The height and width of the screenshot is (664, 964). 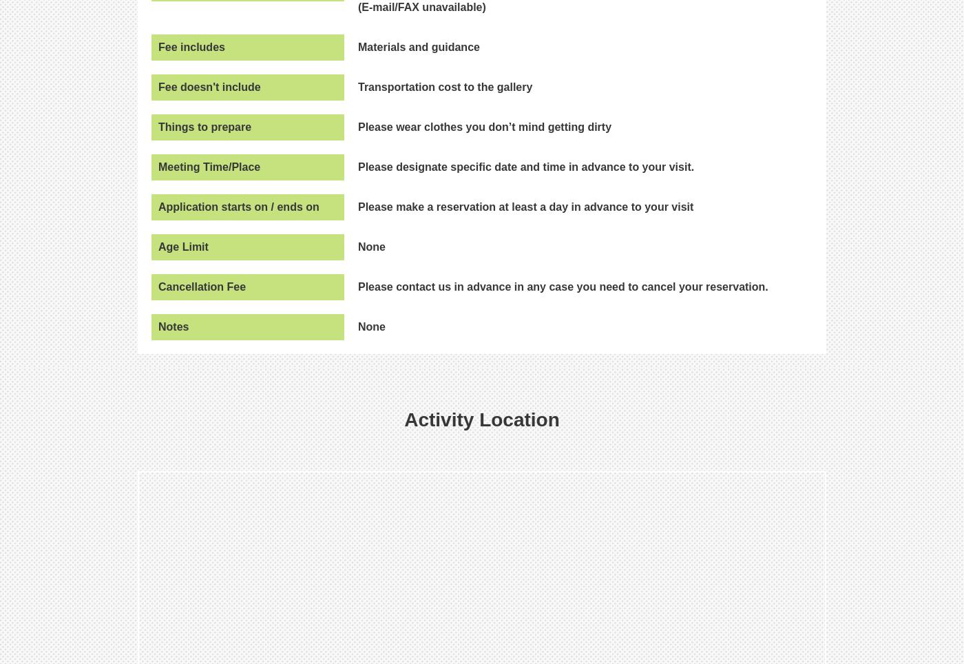 I want to click on 'Age Limit', so click(x=183, y=245).